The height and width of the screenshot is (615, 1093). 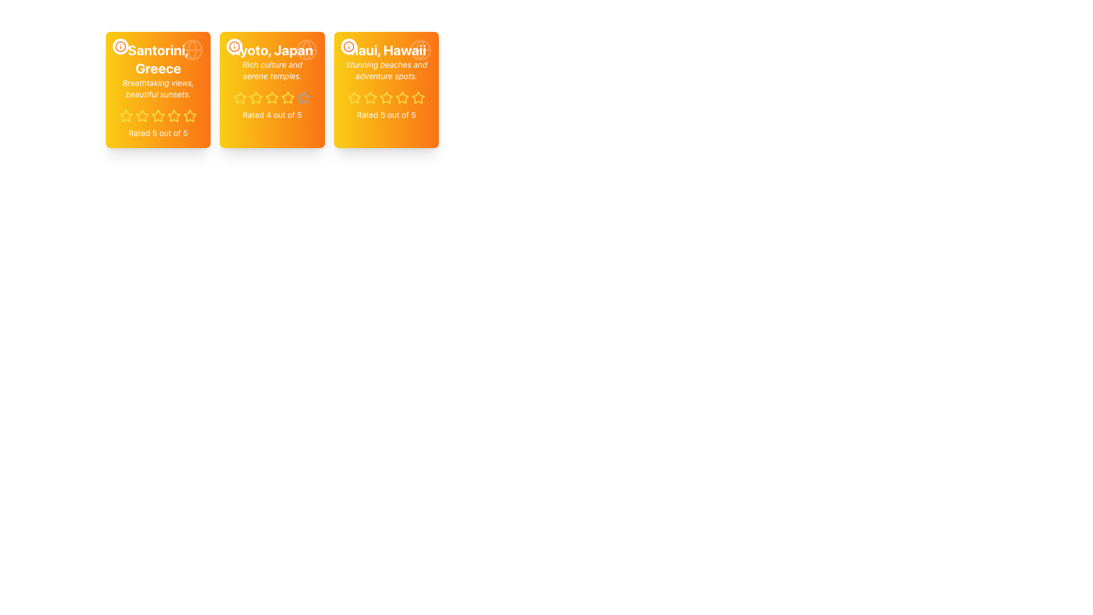 What do you see at coordinates (385, 97) in the screenshot?
I see `the yellow star icon in the rating stars for the 'Maui, Hawaii' card` at bounding box center [385, 97].